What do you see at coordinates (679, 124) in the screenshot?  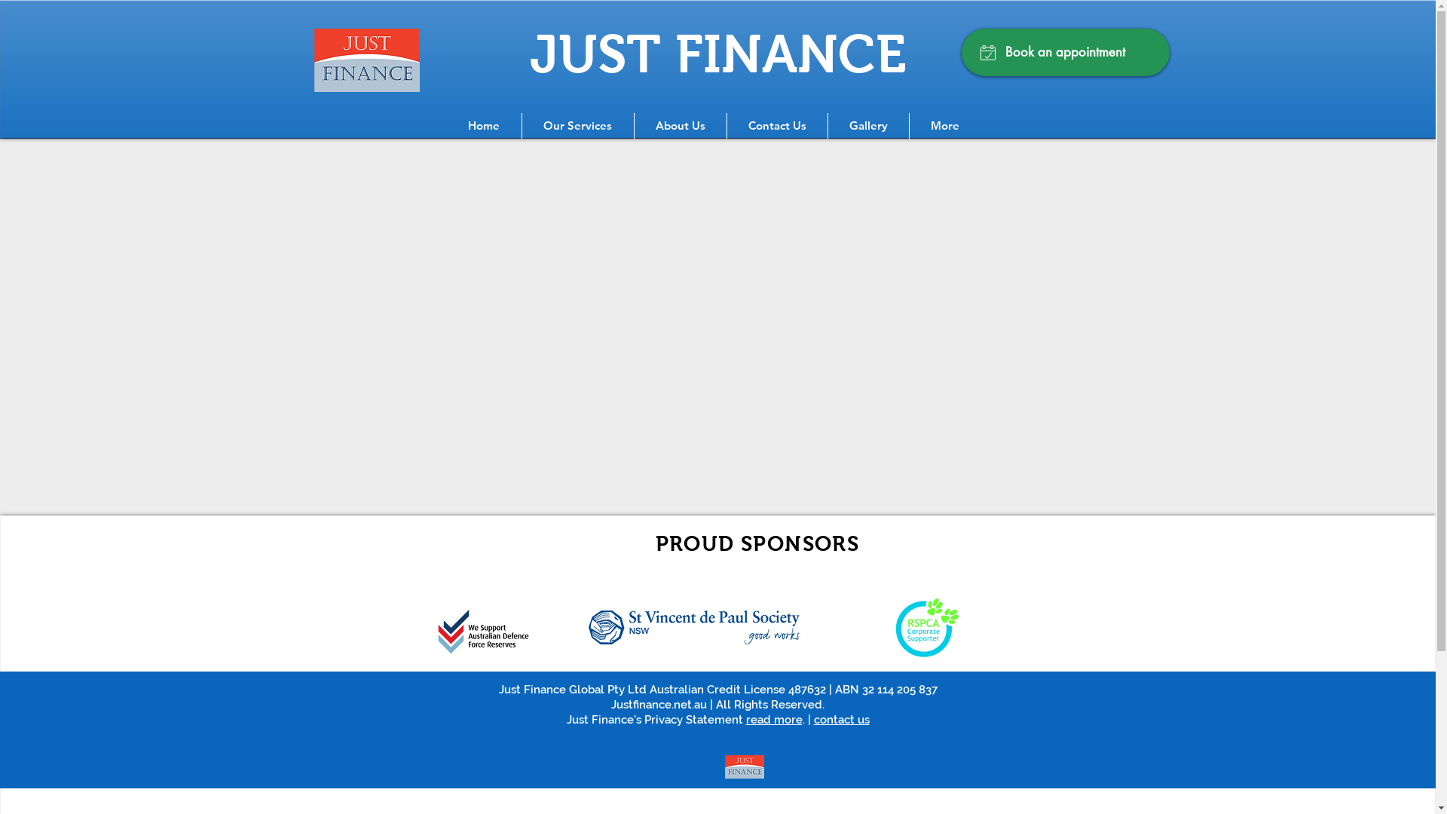 I see `'About Us'` at bounding box center [679, 124].